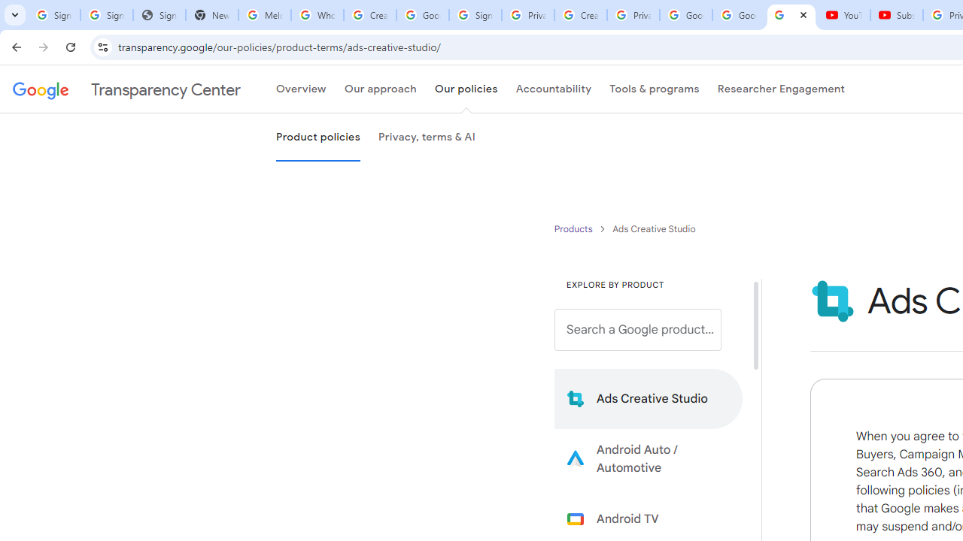  What do you see at coordinates (316, 15) in the screenshot?
I see `'Who is my administrator? - Google Account Help'` at bounding box center [316, 15].